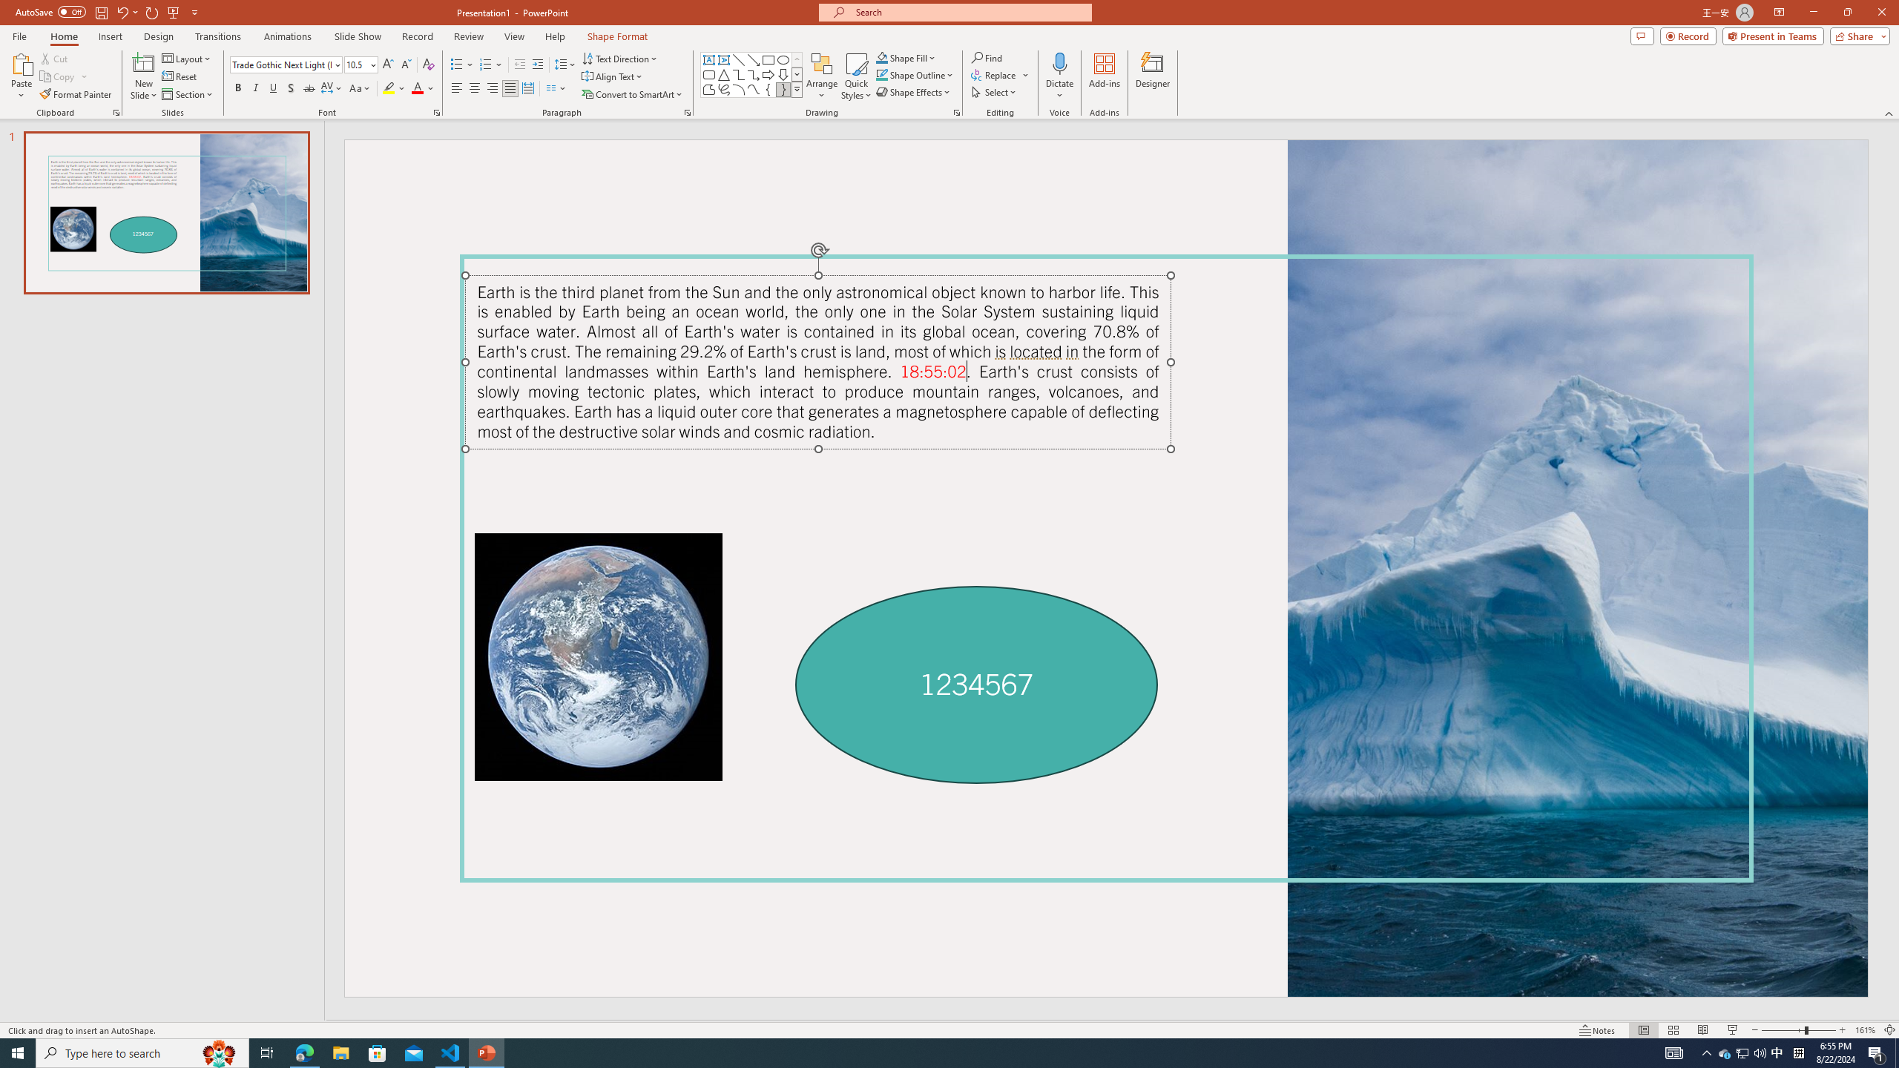  I want to click on 'Shape Fill Aqua, Accent 2', so click(882, 57).